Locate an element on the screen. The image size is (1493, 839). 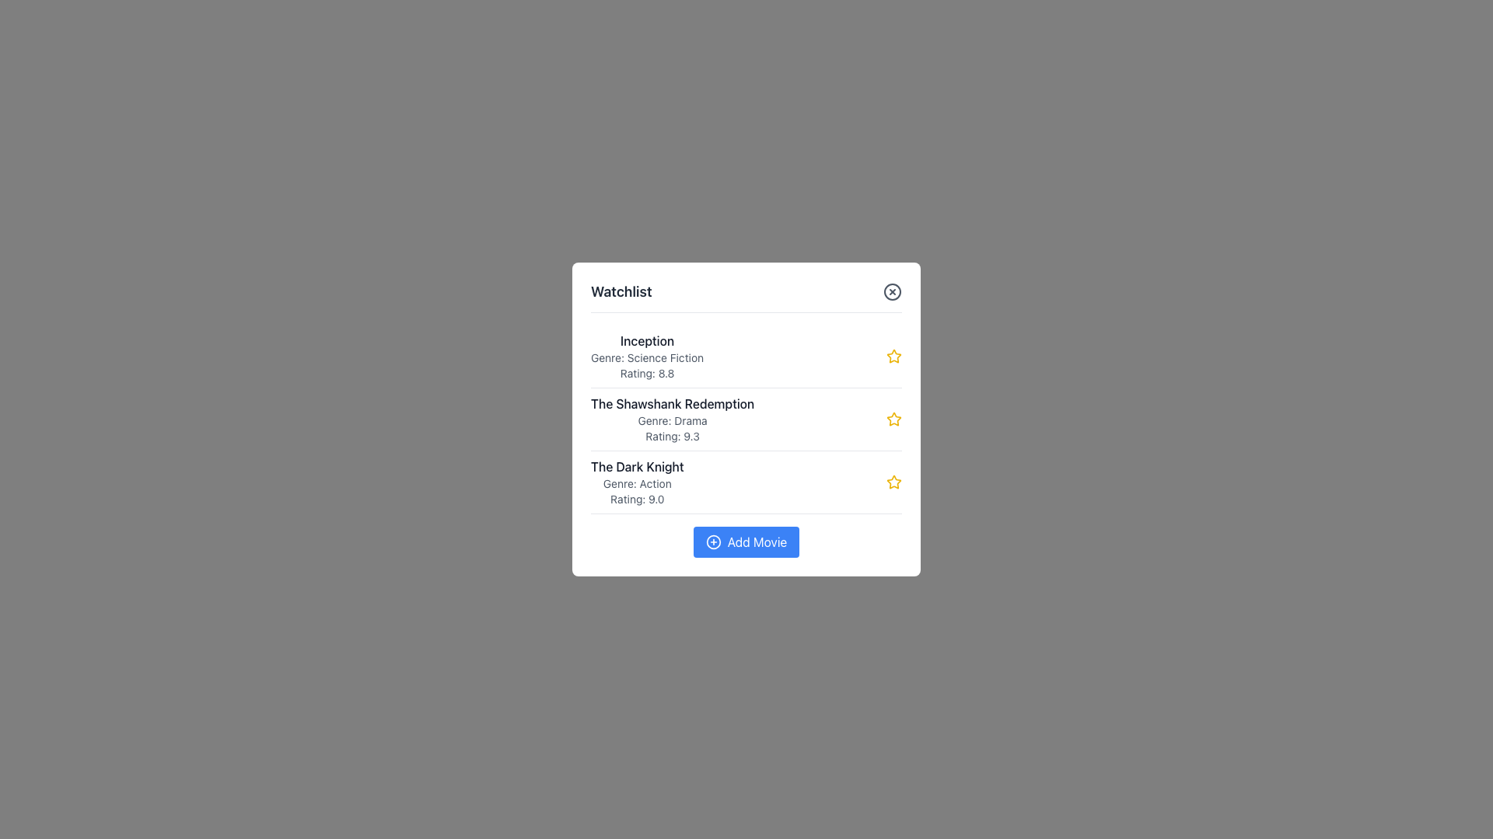
the circular close button with an 'X' symbol, located to the right of the 'Watchlist' header is located at coordinates (892, 291).